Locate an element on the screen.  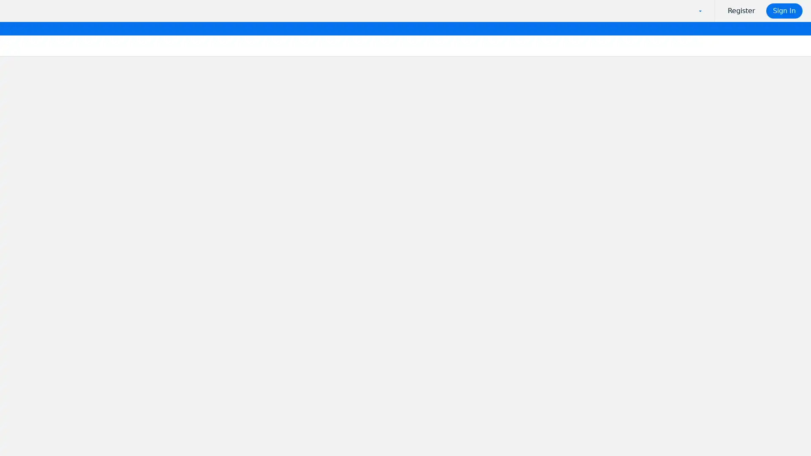
Accept is located at coordinates (634, 430).